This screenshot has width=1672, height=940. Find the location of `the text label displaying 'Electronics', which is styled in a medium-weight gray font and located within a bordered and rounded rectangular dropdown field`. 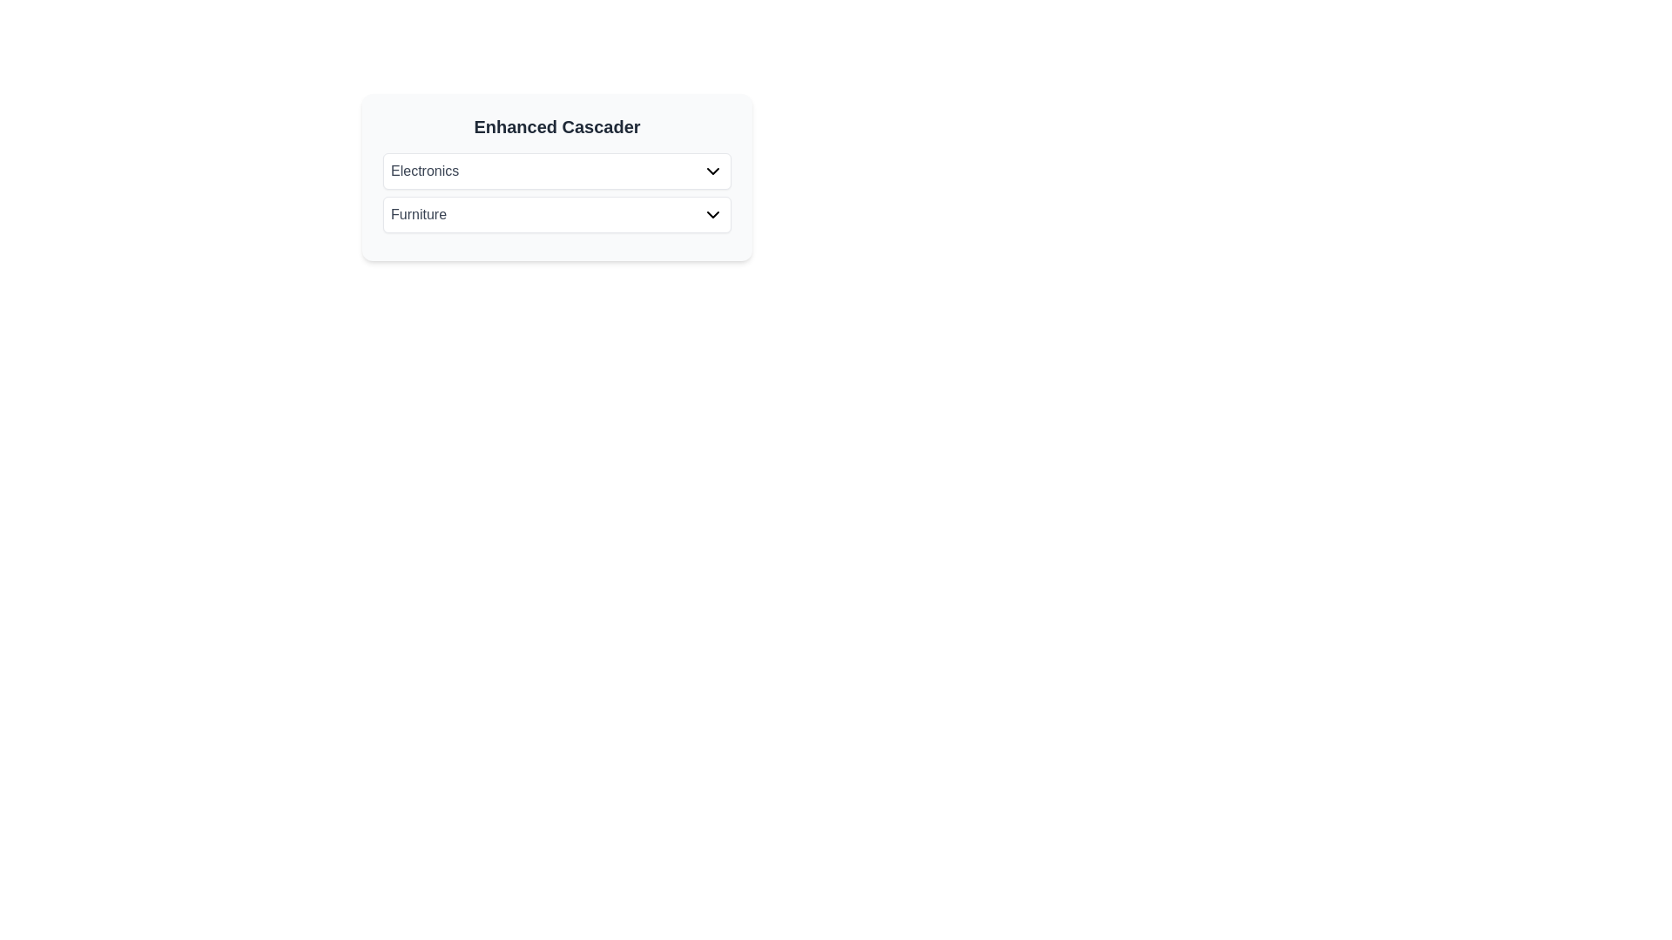

the text label displaying 'Electronics', which is styled in a medium-weight gray font and located within a bordered and rounded rectangular dropdown field is located at coordinates (425, 171).